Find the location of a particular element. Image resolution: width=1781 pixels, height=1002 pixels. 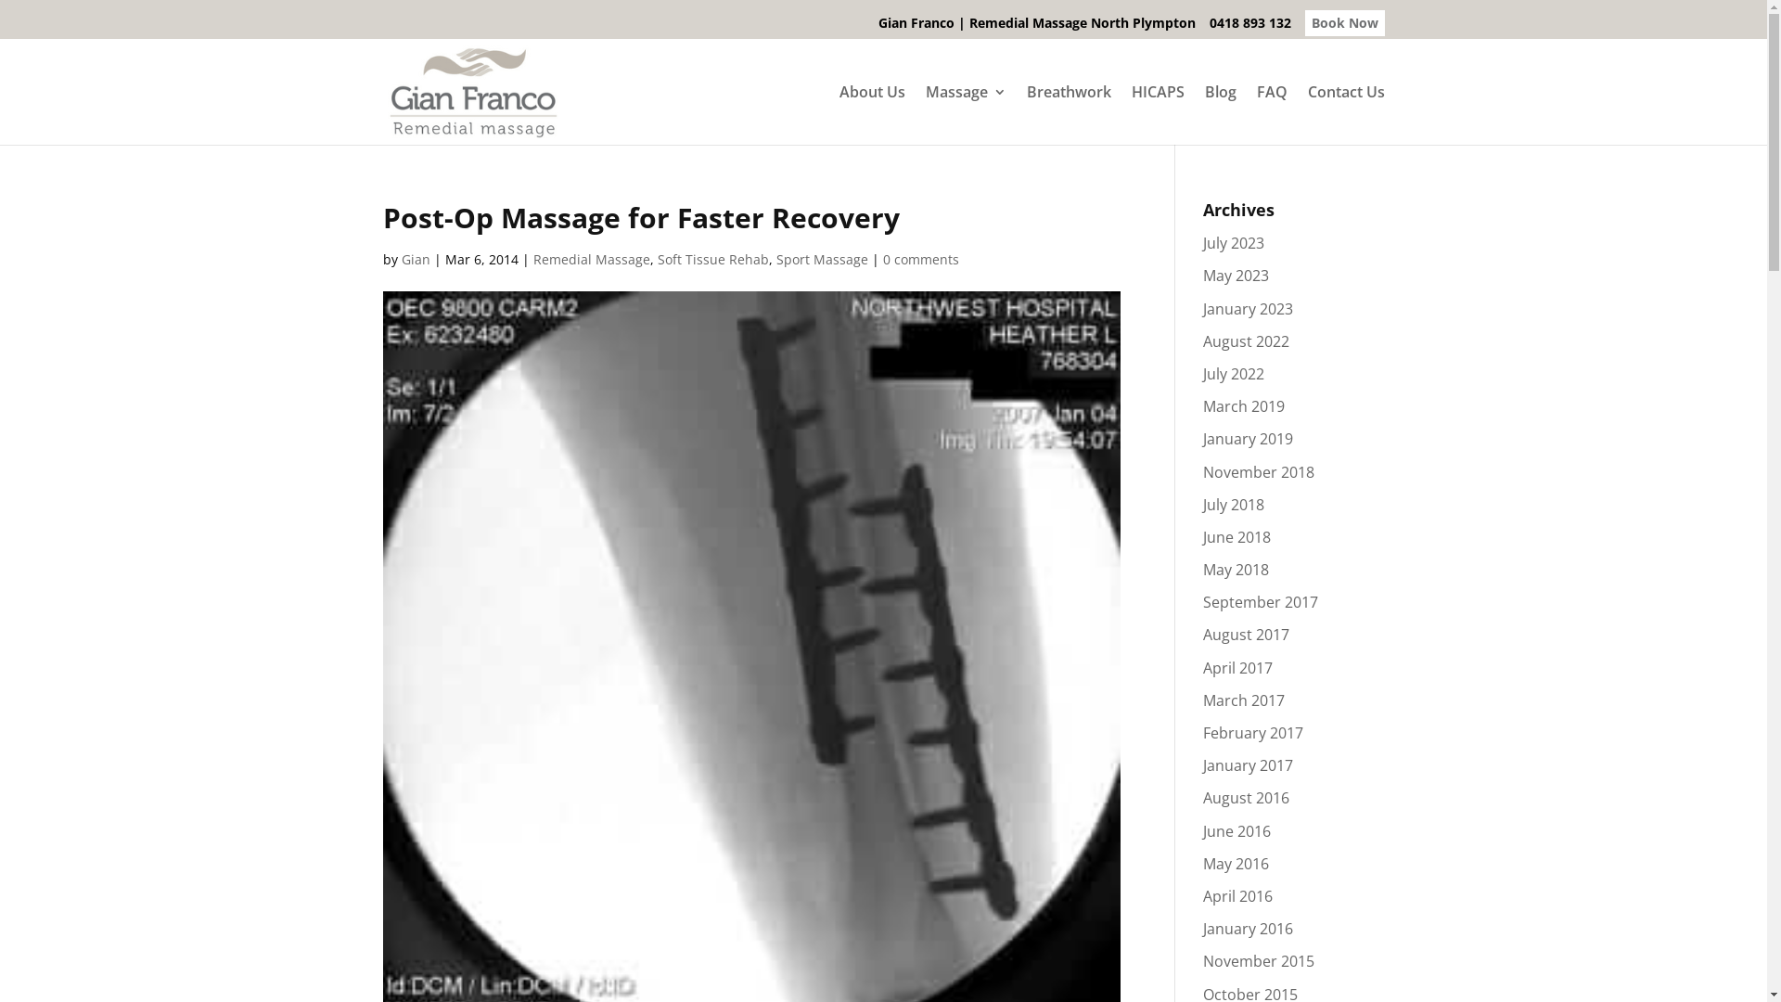

'Breathwork' is located at coordinates (1024, 114).